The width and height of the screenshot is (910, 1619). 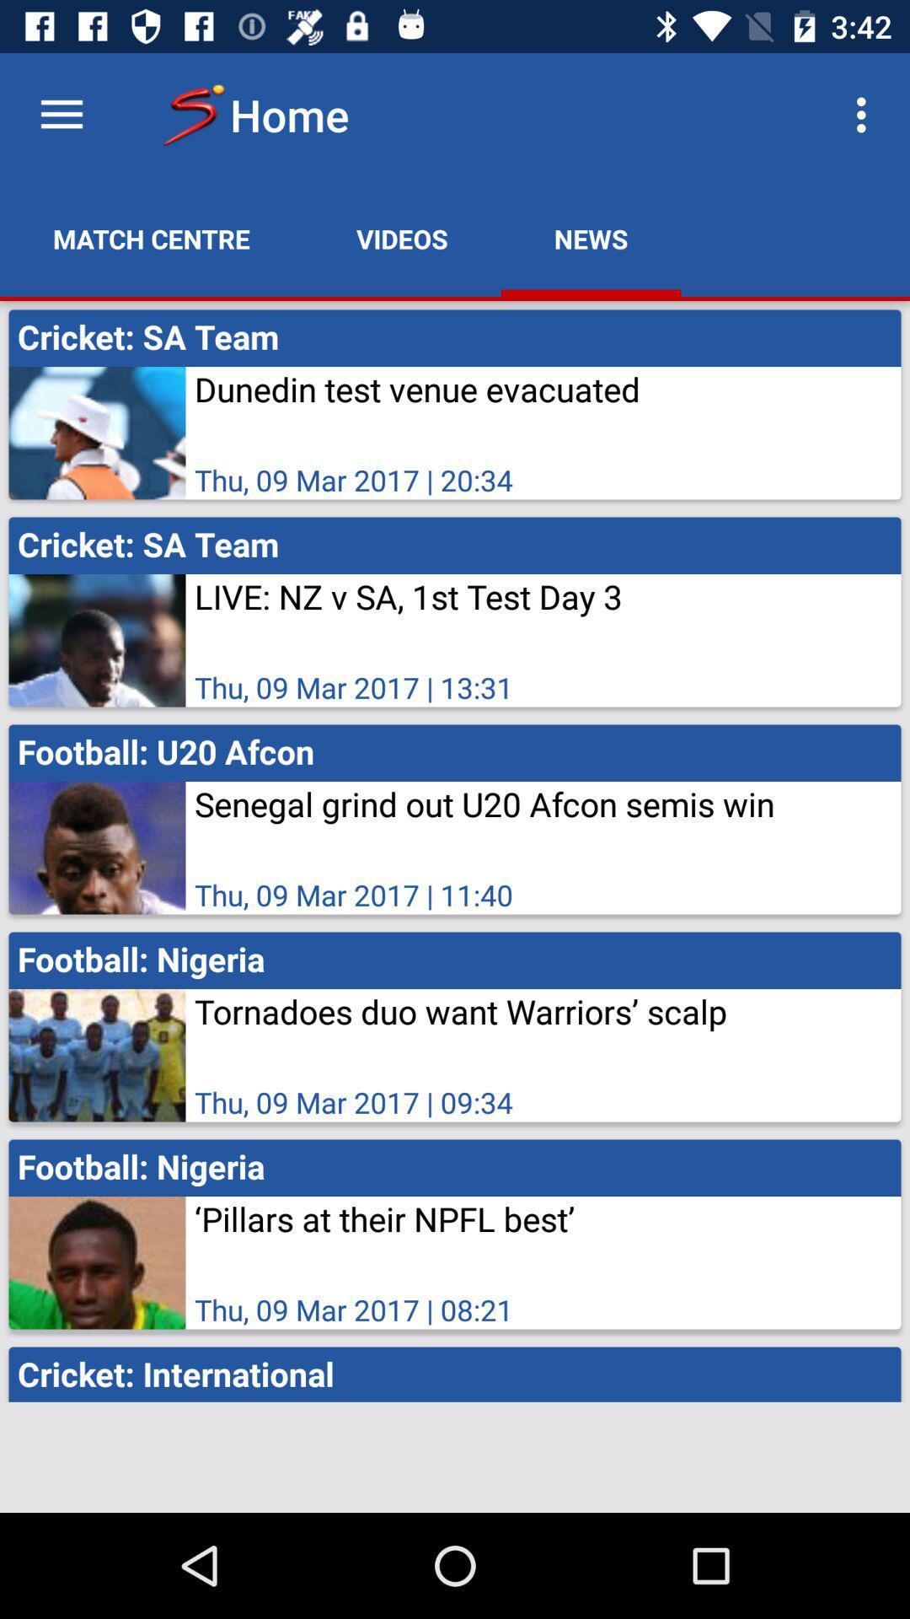 I want to click on the icon next to videos app, so click(x=152, y=238).